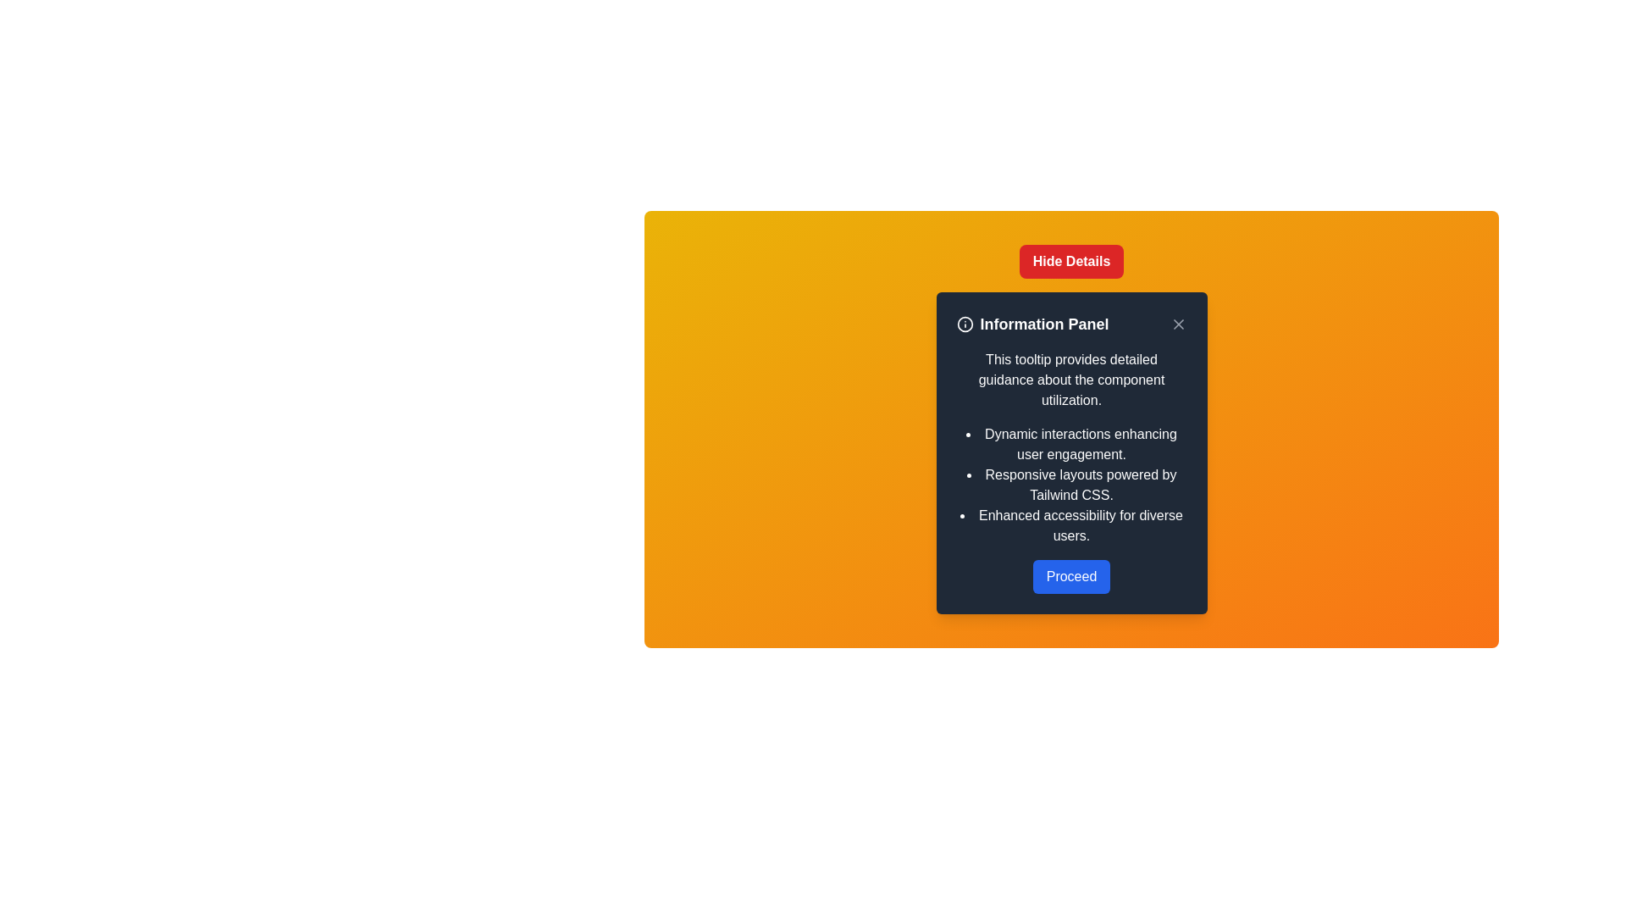 This screenshot has height=915, width=1626. I want to click on the close button located at the top-right corner of the modal header, so click(1177, 324).